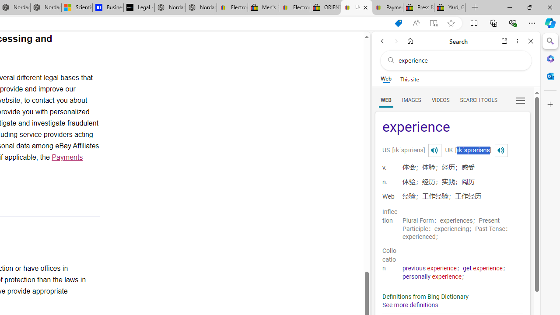 This screenshot has width=560, height=315. Describe the element at coordinates (387, 7) in the screenshot. I see `'Payments Terms of Use | eBay.com'` at that location.